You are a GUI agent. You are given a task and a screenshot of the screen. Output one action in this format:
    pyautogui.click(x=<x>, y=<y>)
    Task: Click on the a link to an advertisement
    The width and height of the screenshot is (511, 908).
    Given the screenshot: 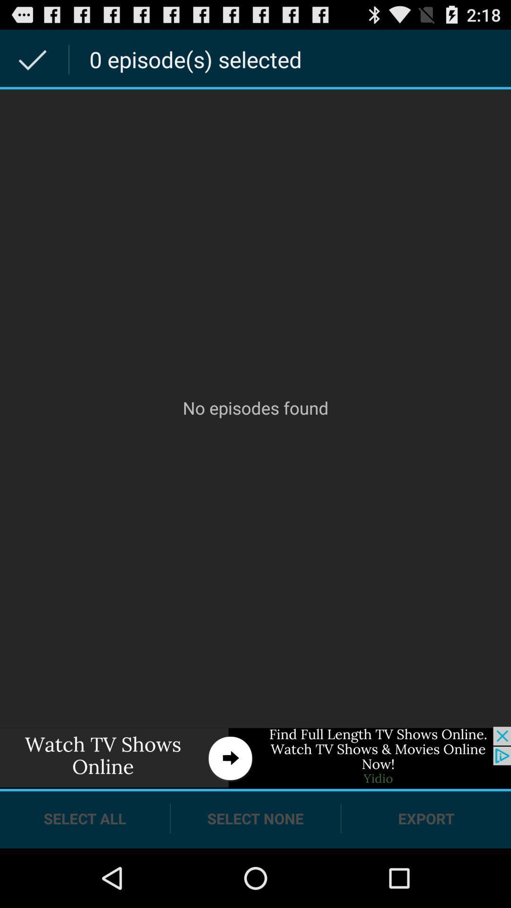 What is the action you would take?
    pyautogui.click(x=255, y=758)
    